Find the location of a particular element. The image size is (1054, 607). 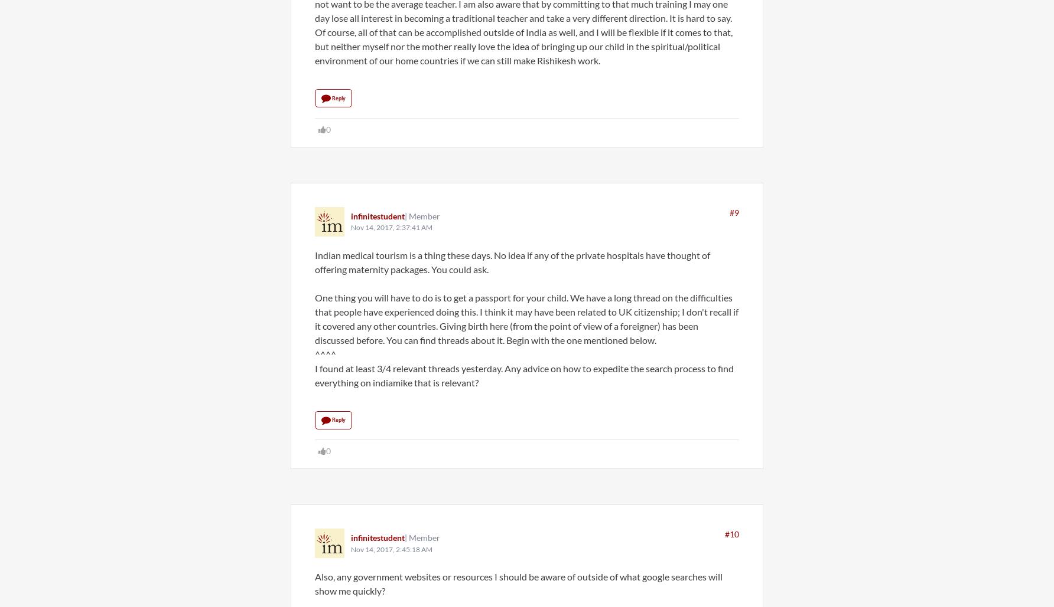

'Nov 14, 2017, 2:45:18 AM' is located at coordinates (391, 549).